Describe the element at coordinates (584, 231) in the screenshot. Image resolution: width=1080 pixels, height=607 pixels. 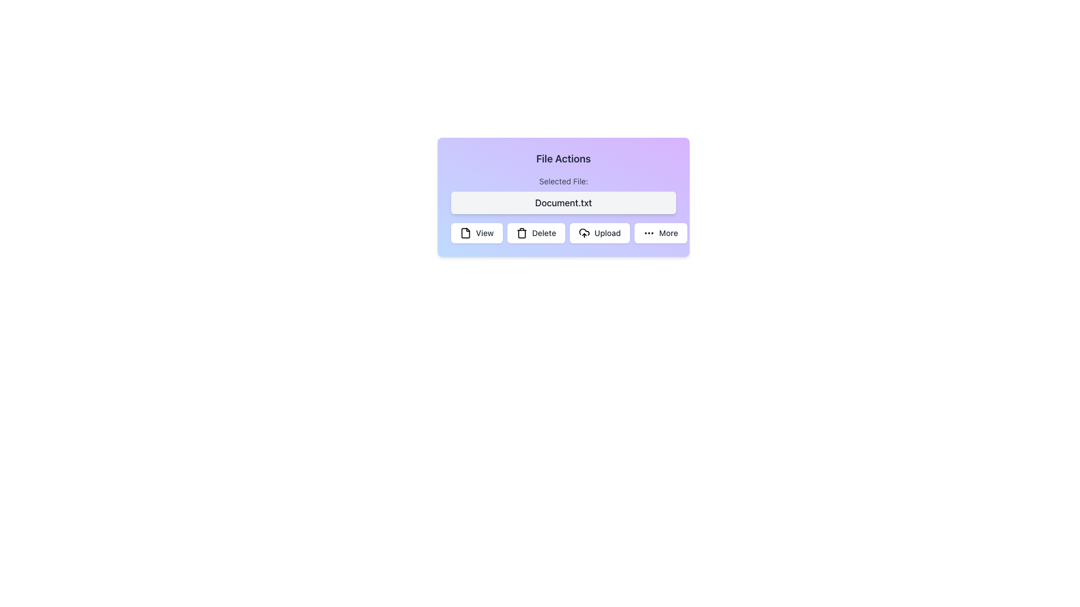
I see `the cloud upload icon located centrally within the 'Upload' button, which is the third button in the row of action buttons below the 'Selected File' section` at that location.